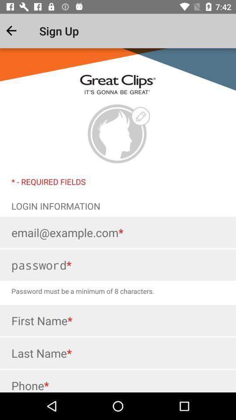  Describe the element at coordinates (118, 264) in the screenshot. I see `password` at that location.